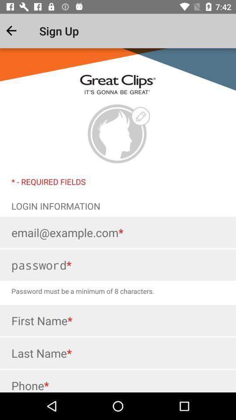  Describe the element at coordinates (118, 264) in the screenshot. I see `password` at that location.